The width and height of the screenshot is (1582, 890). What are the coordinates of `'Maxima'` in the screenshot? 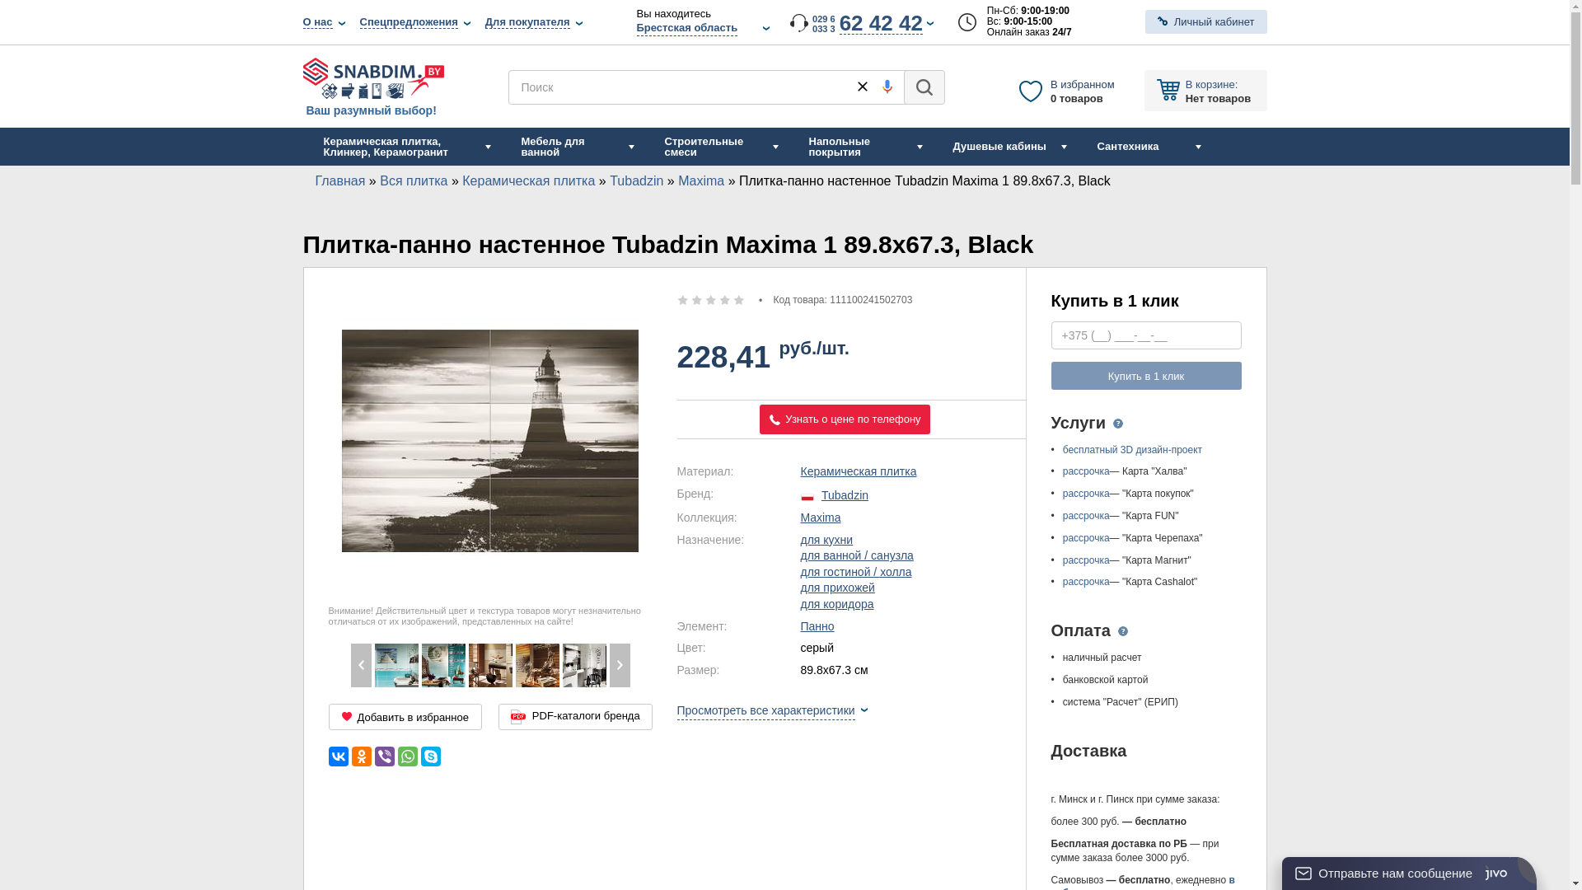 It's located at (677, 180).